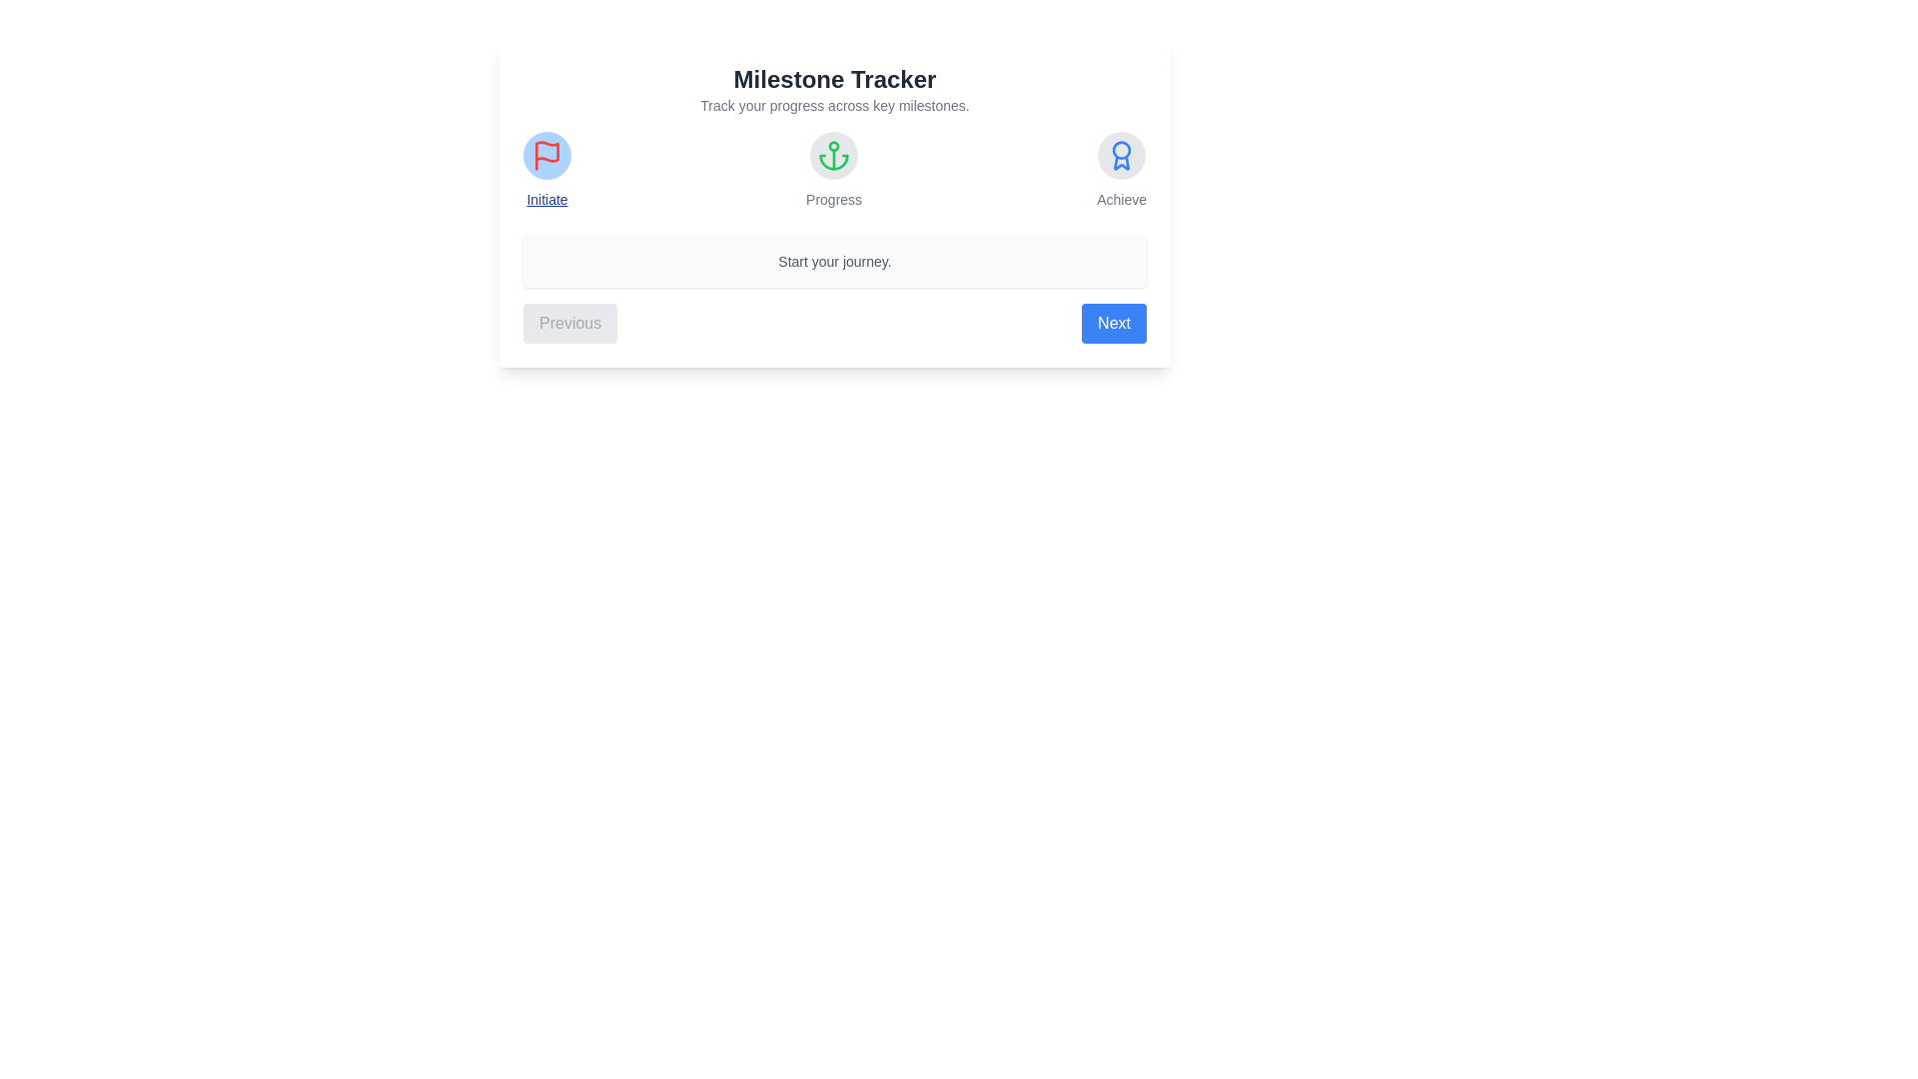  What do you see at coordinates (1122, 154) in the screenshot?
I see `the milestone icon for Achieve` at bounding box center [1122, 154].